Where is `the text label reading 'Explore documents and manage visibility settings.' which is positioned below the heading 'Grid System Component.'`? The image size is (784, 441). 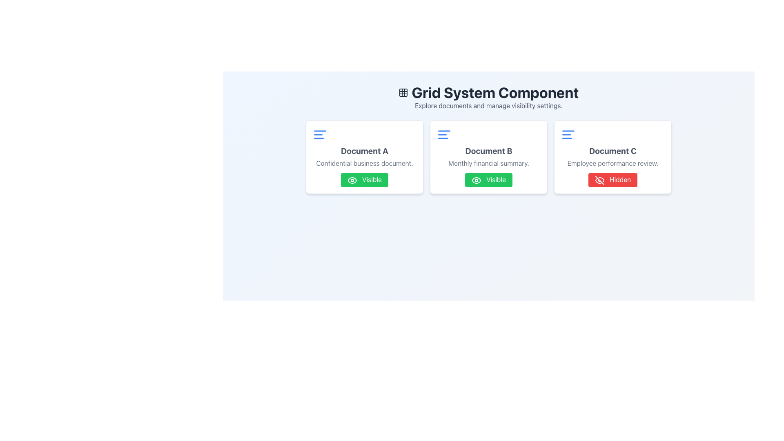 the text label reading 'Explore documents and manage visibility settings.' which is positioned below the heading 'Grid System Component.' is located at coordinates (488, 105).